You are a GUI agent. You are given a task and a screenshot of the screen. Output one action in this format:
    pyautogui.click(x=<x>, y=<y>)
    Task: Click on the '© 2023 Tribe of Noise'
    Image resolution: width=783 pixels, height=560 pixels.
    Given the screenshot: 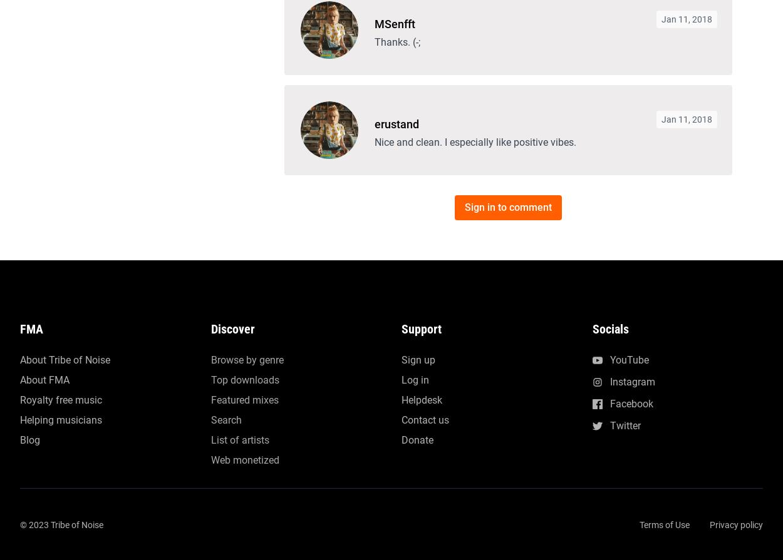 What is the action you would take?
    pyautogui.click(x=61, y=126)
    